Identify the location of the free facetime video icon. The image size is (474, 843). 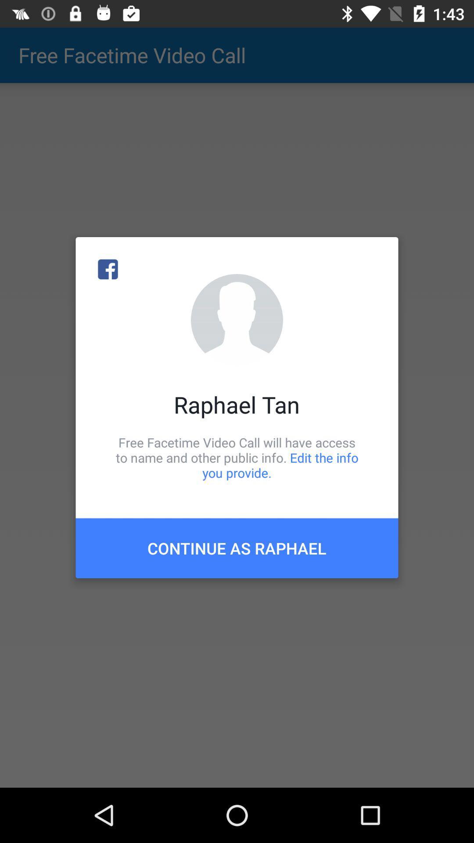
(237, 457).